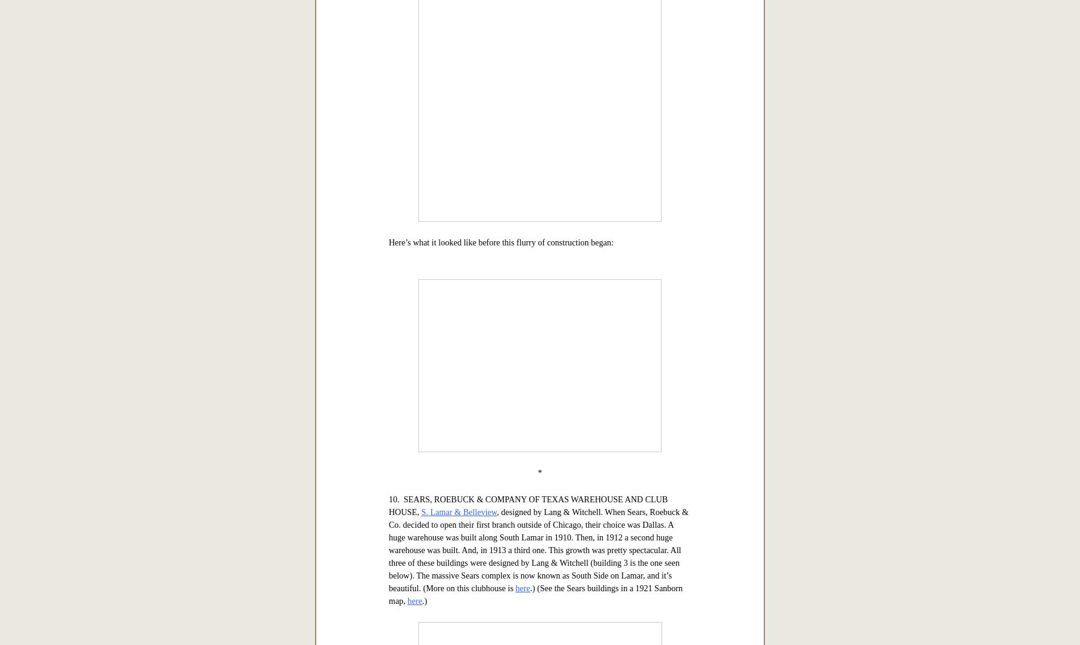  Describe the element at coordinates (535, 184) in the screenshot. I see `'another'` at that location.